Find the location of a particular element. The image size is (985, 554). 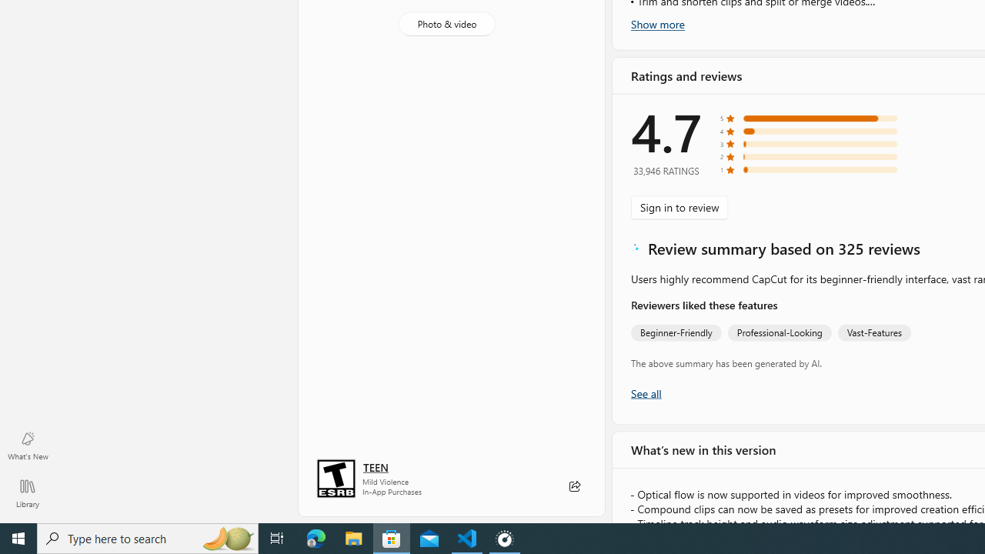

'Age rating: TEEN. Click for more information.' is located at coordinates (376, 466).